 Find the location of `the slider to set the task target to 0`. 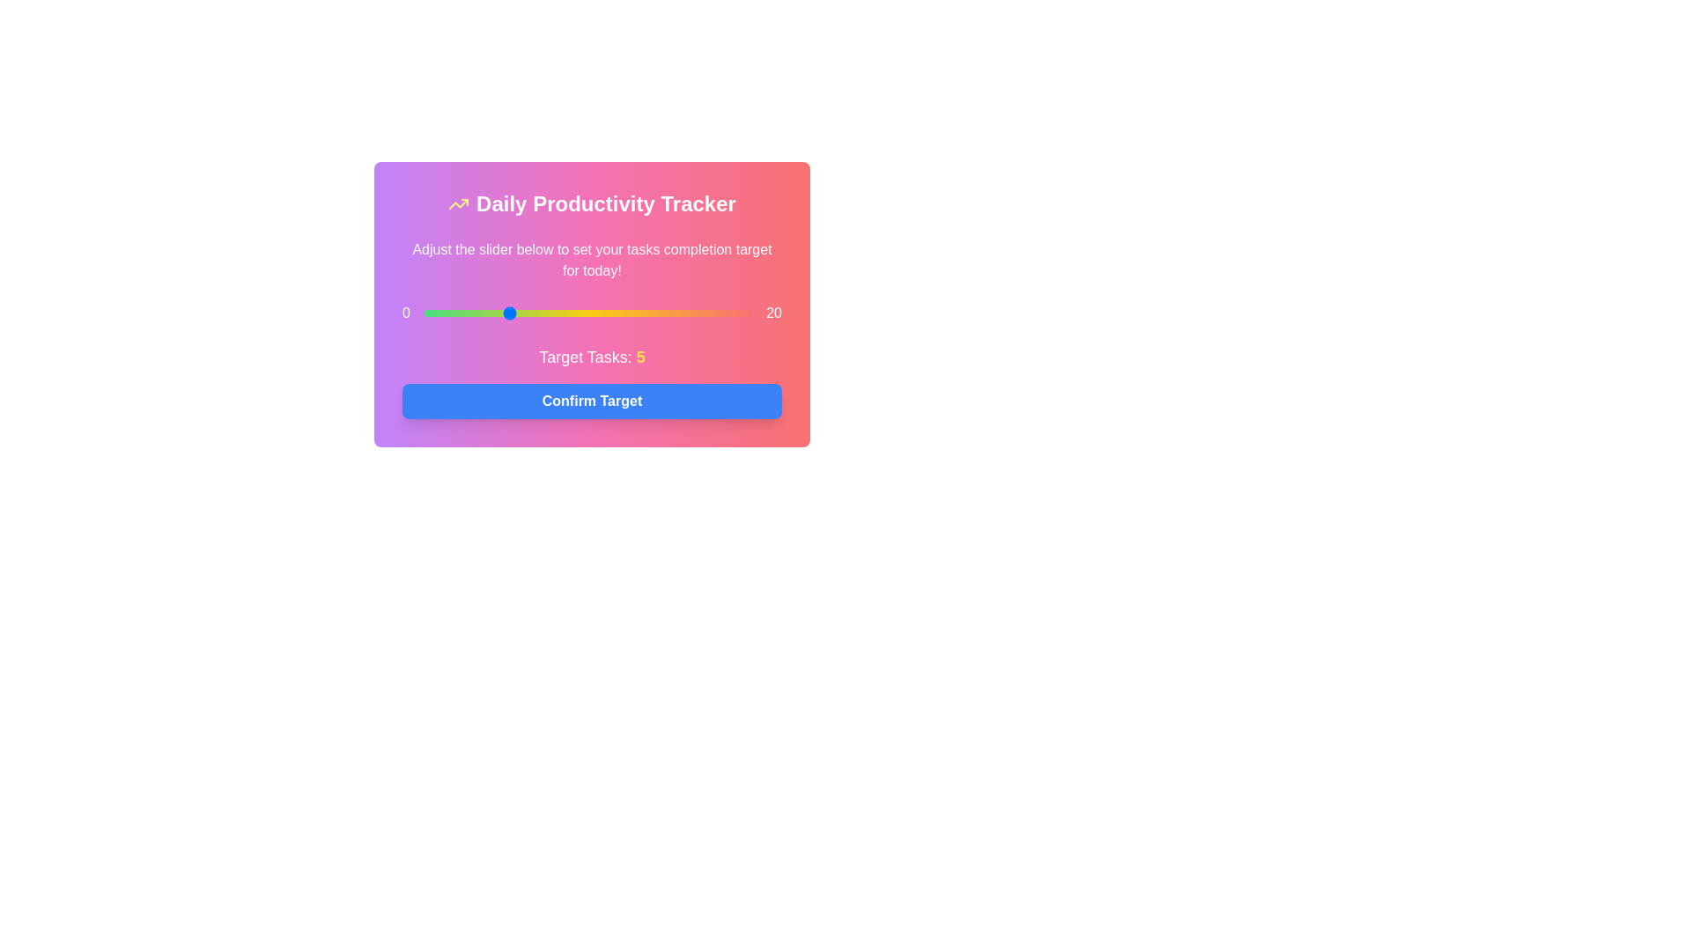

the slider to set the task target to 0 is located at coordinates (424, 312).